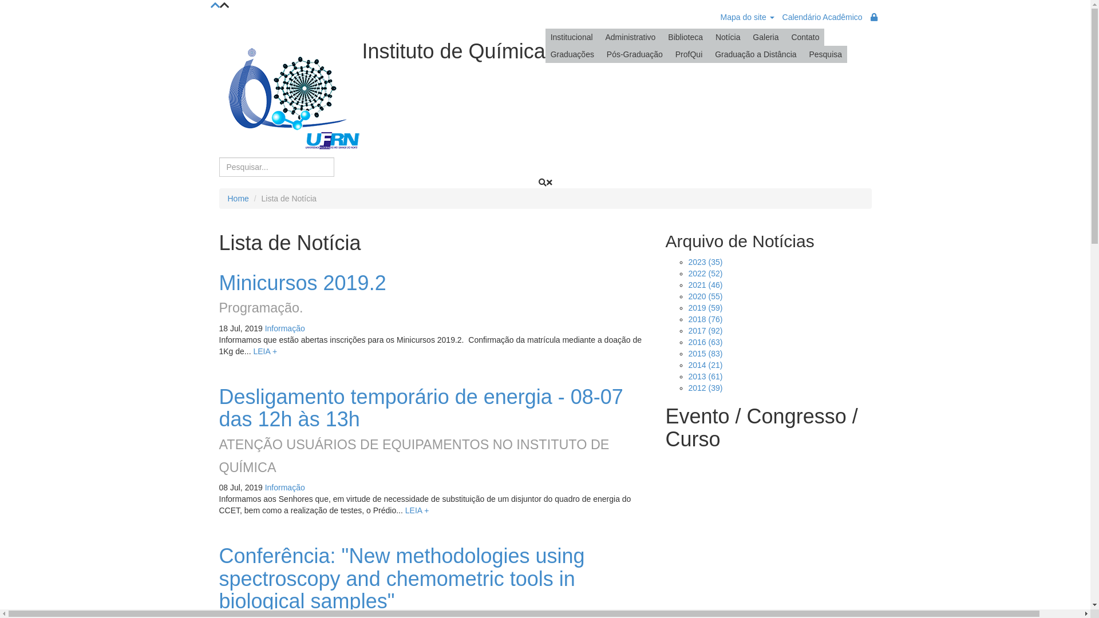 This screenshot has height=618, width=1099. What do you see at coordinates (685, 37) in the screenshot?
I see `'Biblioteca'` at bounding box center [685, 37].